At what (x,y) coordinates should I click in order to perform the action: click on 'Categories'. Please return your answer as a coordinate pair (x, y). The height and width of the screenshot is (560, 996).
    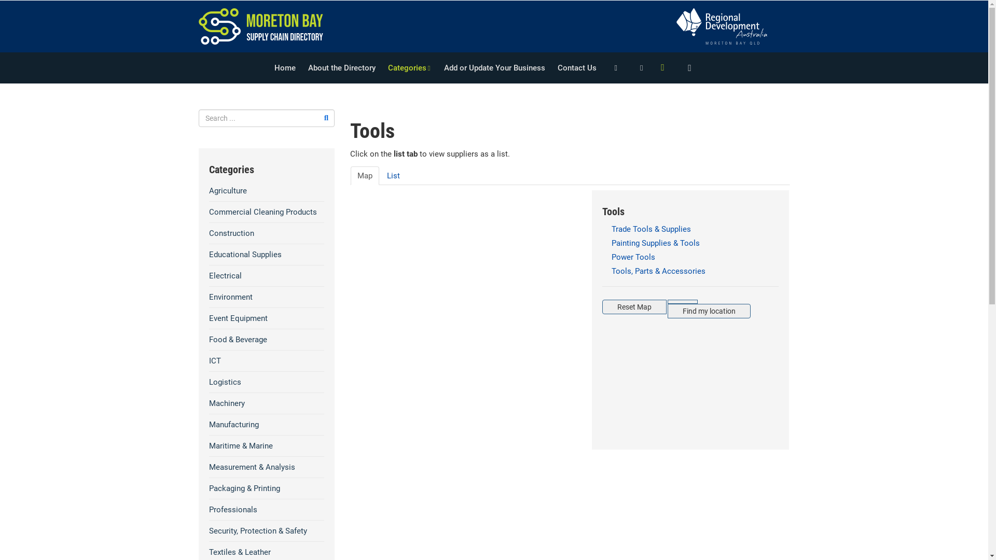
    Looking at the image, I should click on (409, 68).